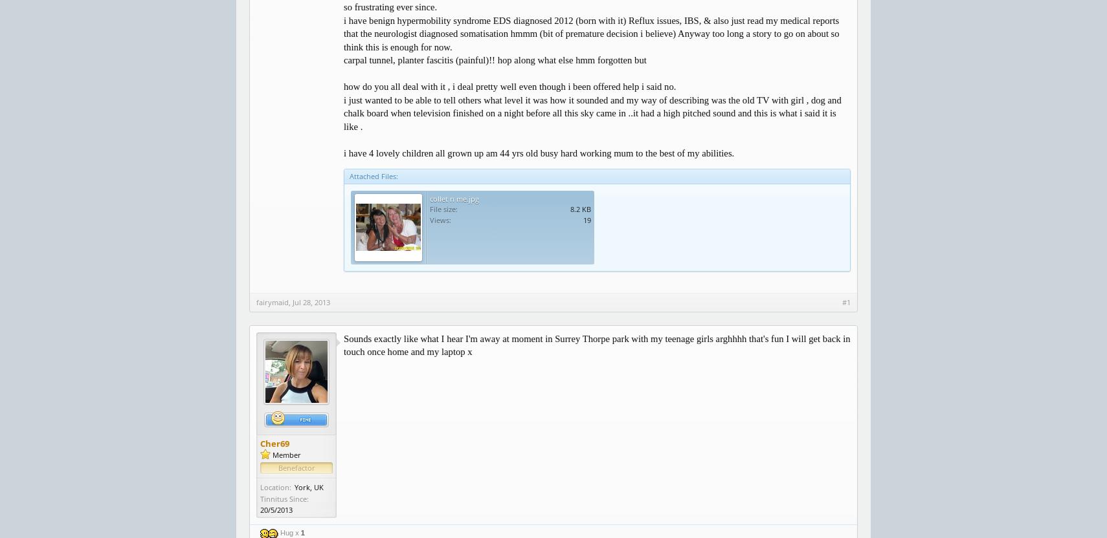  I want to click on 'fairymaid', so click(256, 301).